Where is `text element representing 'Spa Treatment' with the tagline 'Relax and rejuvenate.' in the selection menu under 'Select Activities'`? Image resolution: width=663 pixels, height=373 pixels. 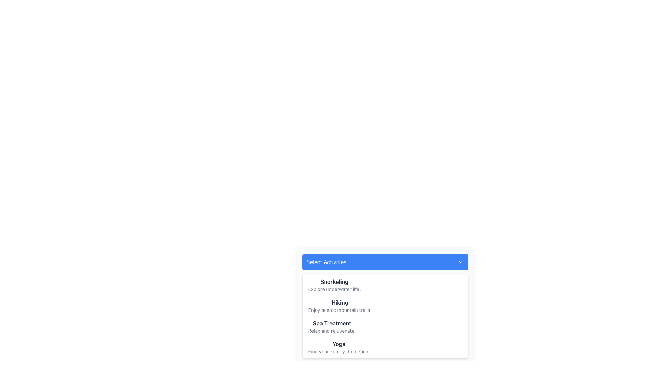
text element representing 'Spa Treatment' with the tagline 'Relax and rejuvenate.' in the selection menu under 'Select Activities' is located at coordinates (332, 326).